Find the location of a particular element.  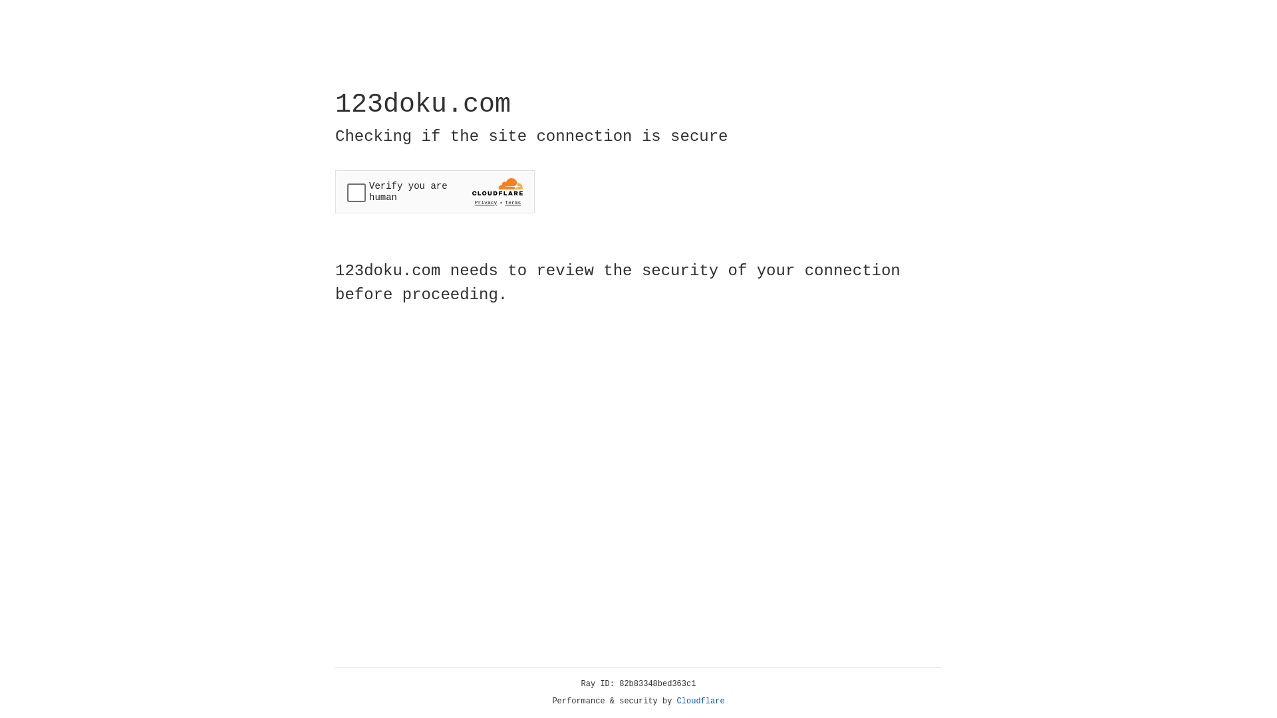

'Cloudflare' is located at coordinates (700, 701).